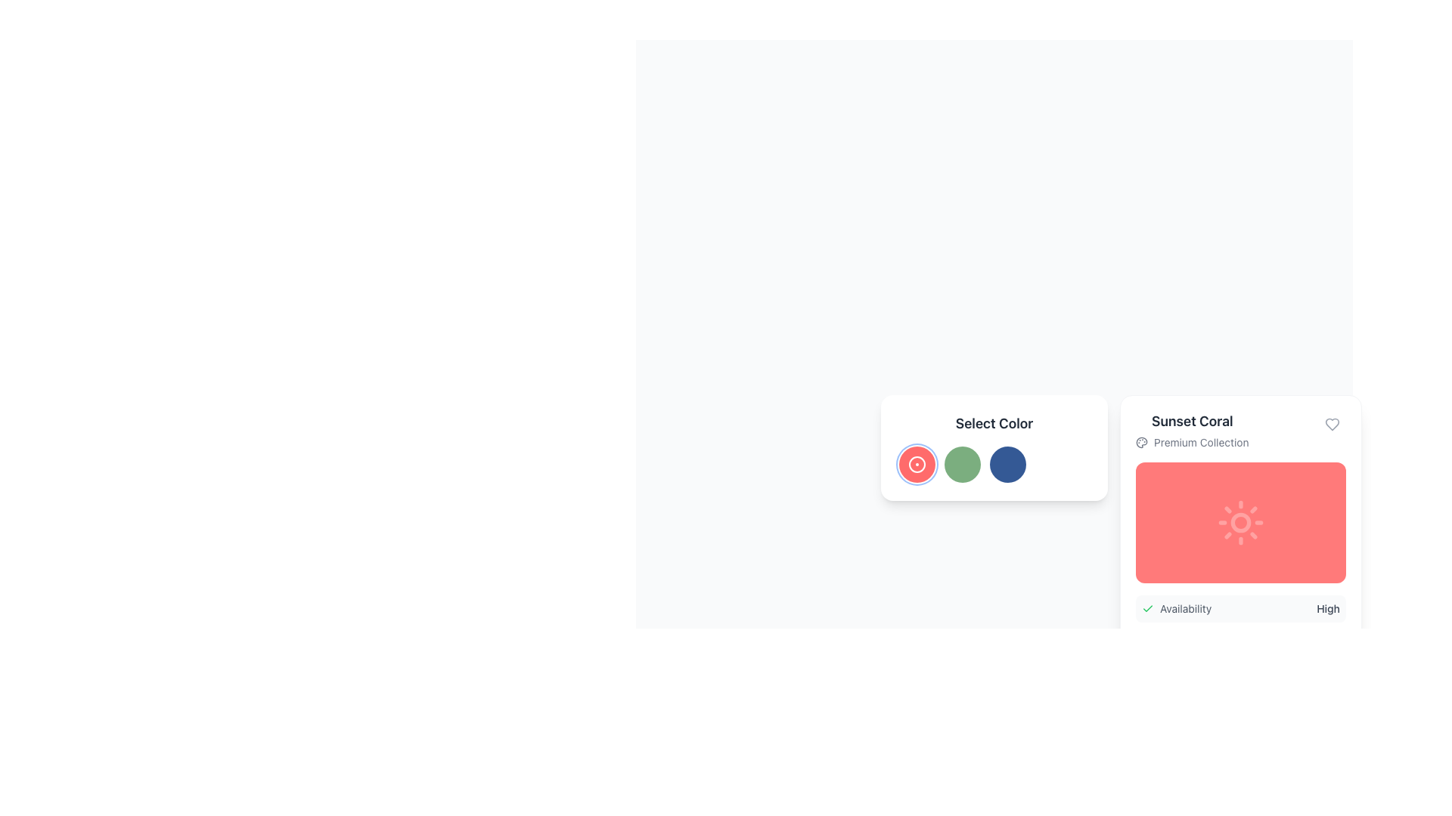 The image size is (1452, 816). I want to click on the first Circle indicator in the 'Select Color' section, so click(917, 463).